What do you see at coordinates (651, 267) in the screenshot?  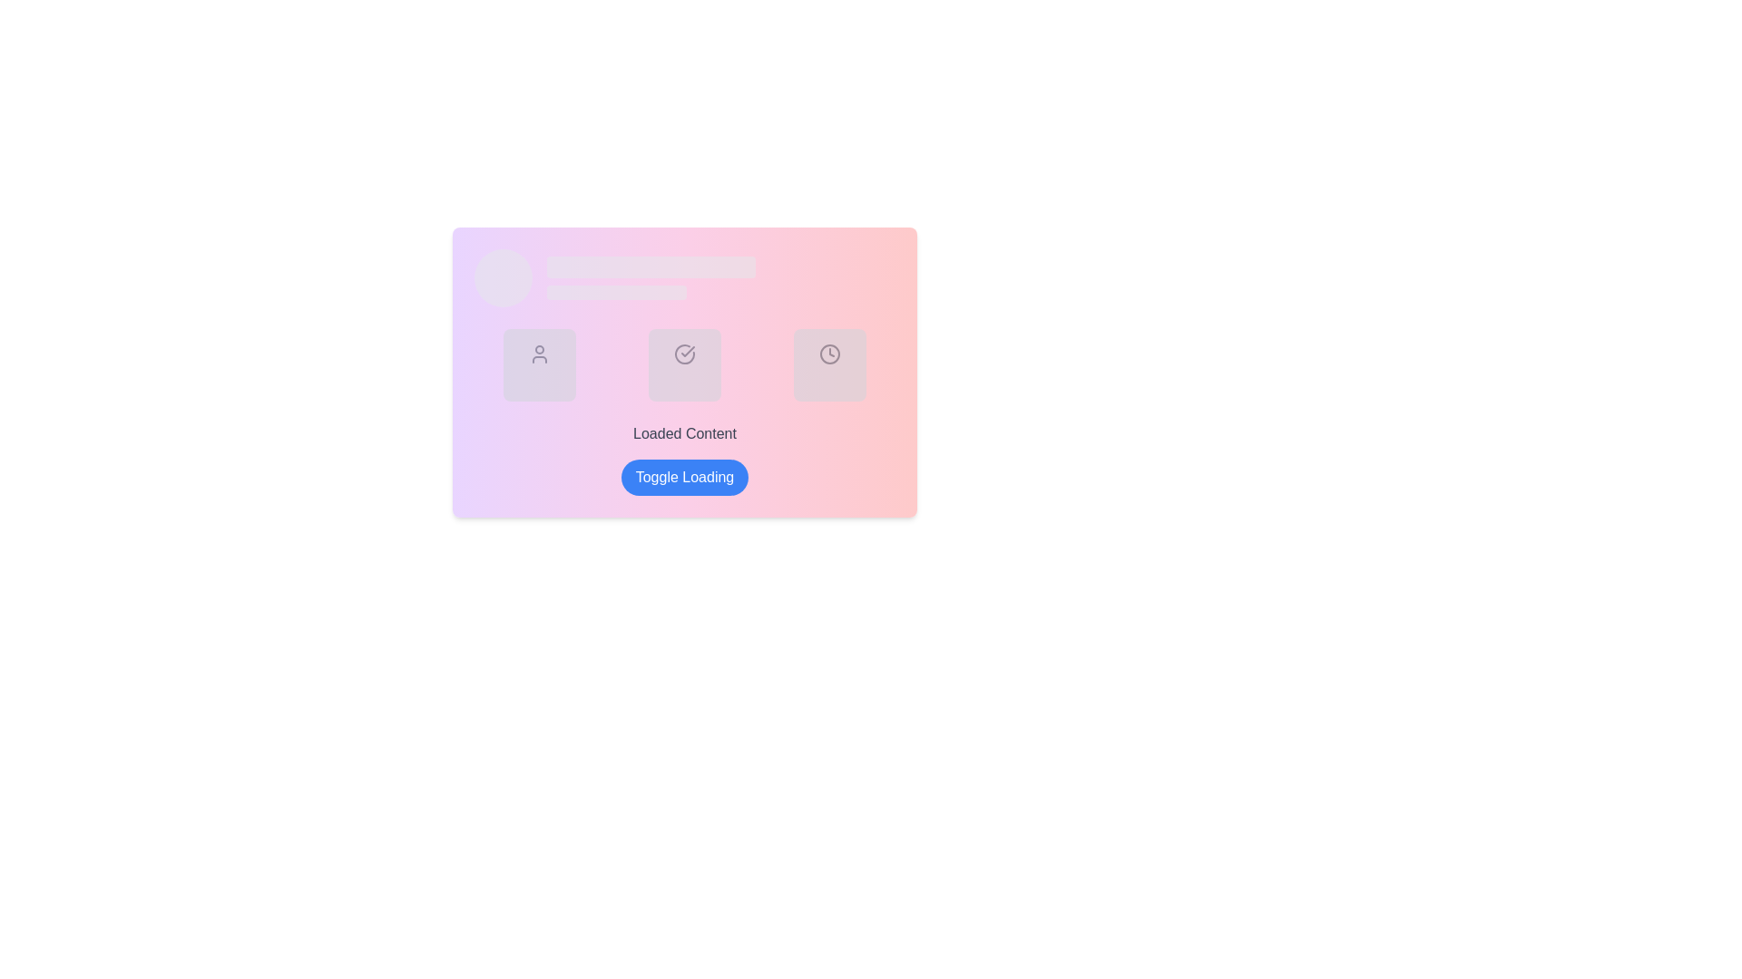 I see `the progress bar or placeholder indicator, which is a horizontal bar with a light gray background and rounded corners, located in the top-central part of the interface` at bounding box center [651, 267].